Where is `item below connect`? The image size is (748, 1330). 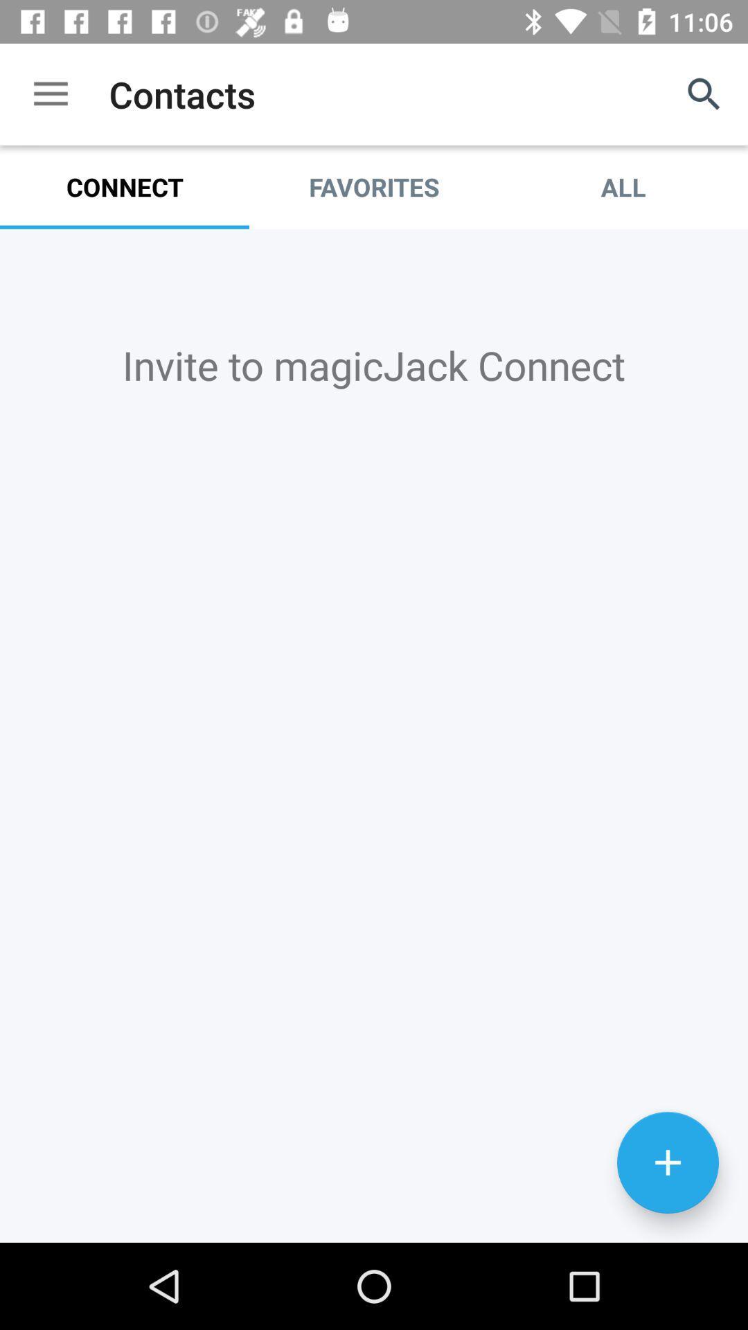 item below connect is located at coordinates (374, 364).